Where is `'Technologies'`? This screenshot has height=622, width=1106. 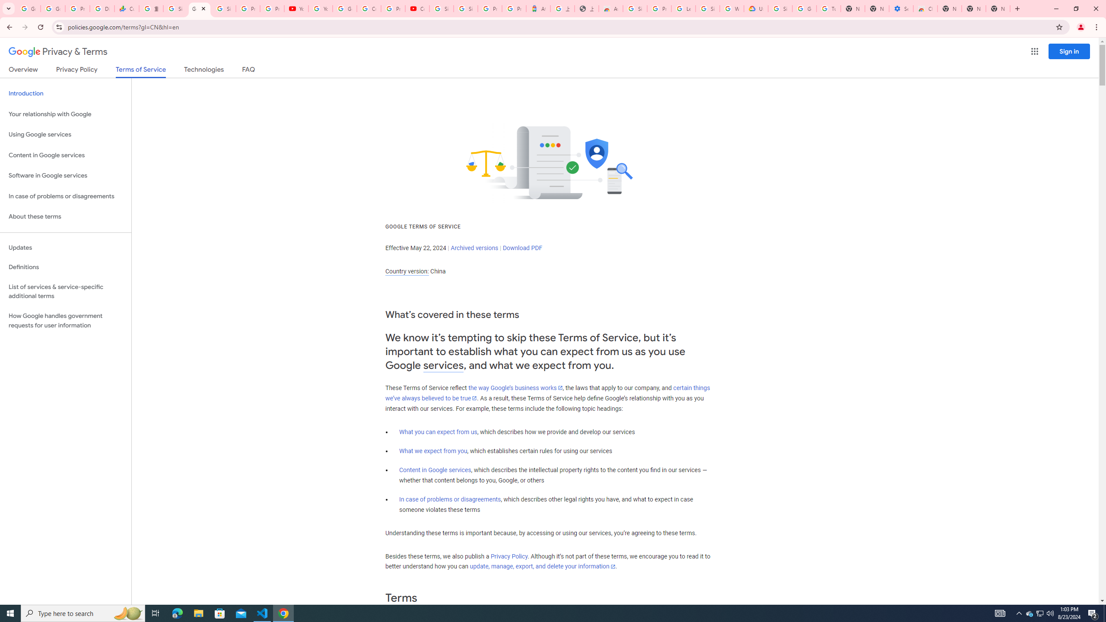 'Technologies' is located at coordinates (204, 71).